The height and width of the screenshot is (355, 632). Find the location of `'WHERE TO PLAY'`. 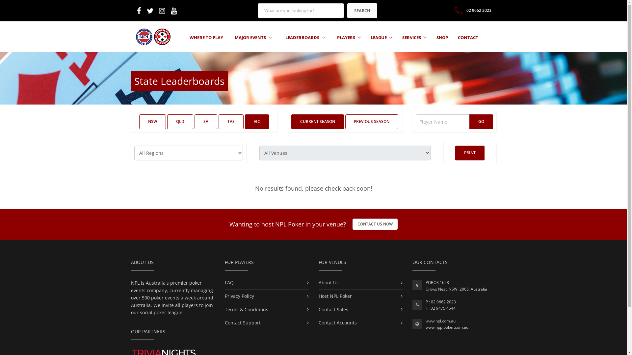

'WHERE TO PLAY' is located at coordinates (206, 37).